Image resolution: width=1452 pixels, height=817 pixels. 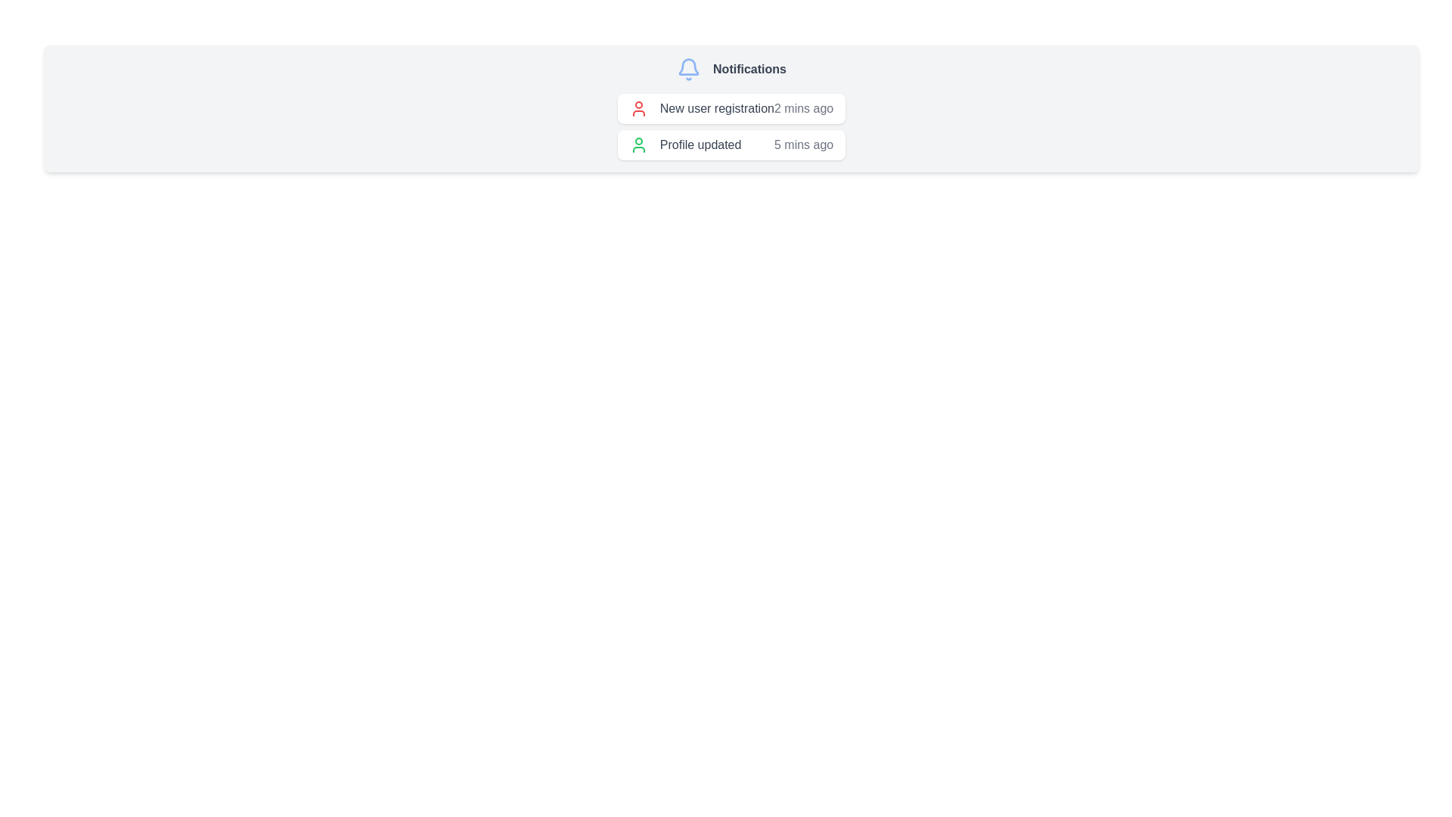 I want to click on time displayed in the text label that informs the user about the time that has passed since the 'New user registration' event, located in the right section of a notification card, so click(x=803, y=107).